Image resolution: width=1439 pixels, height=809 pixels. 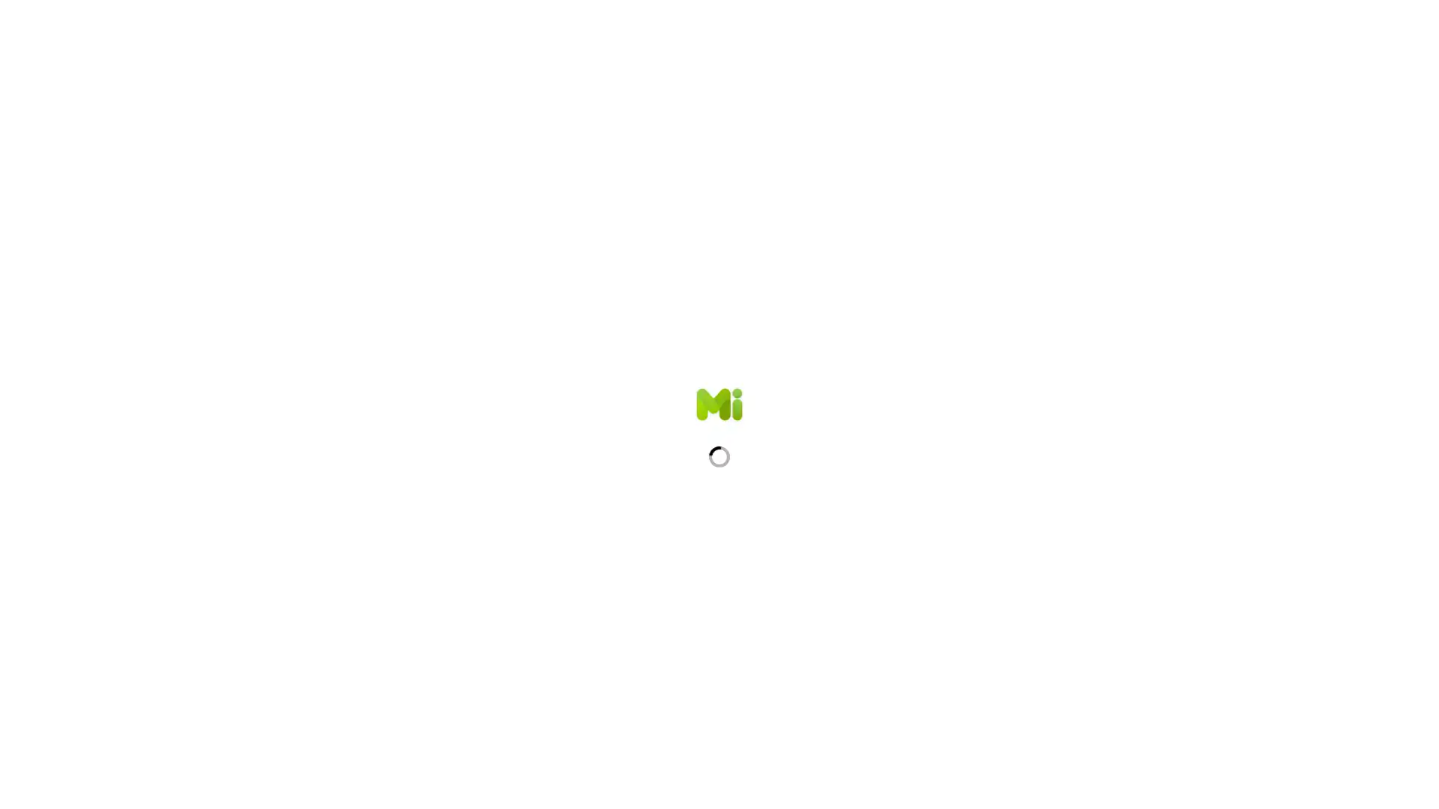 I want to click on Show more, so click(x=933, y=479).